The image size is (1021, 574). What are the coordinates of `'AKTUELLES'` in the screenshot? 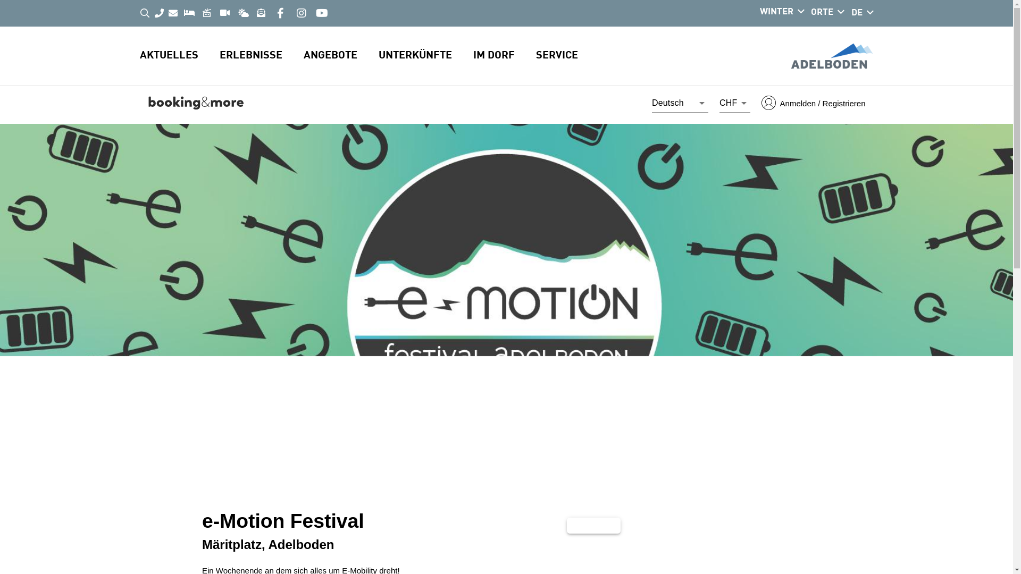 It's located at (179, 55).